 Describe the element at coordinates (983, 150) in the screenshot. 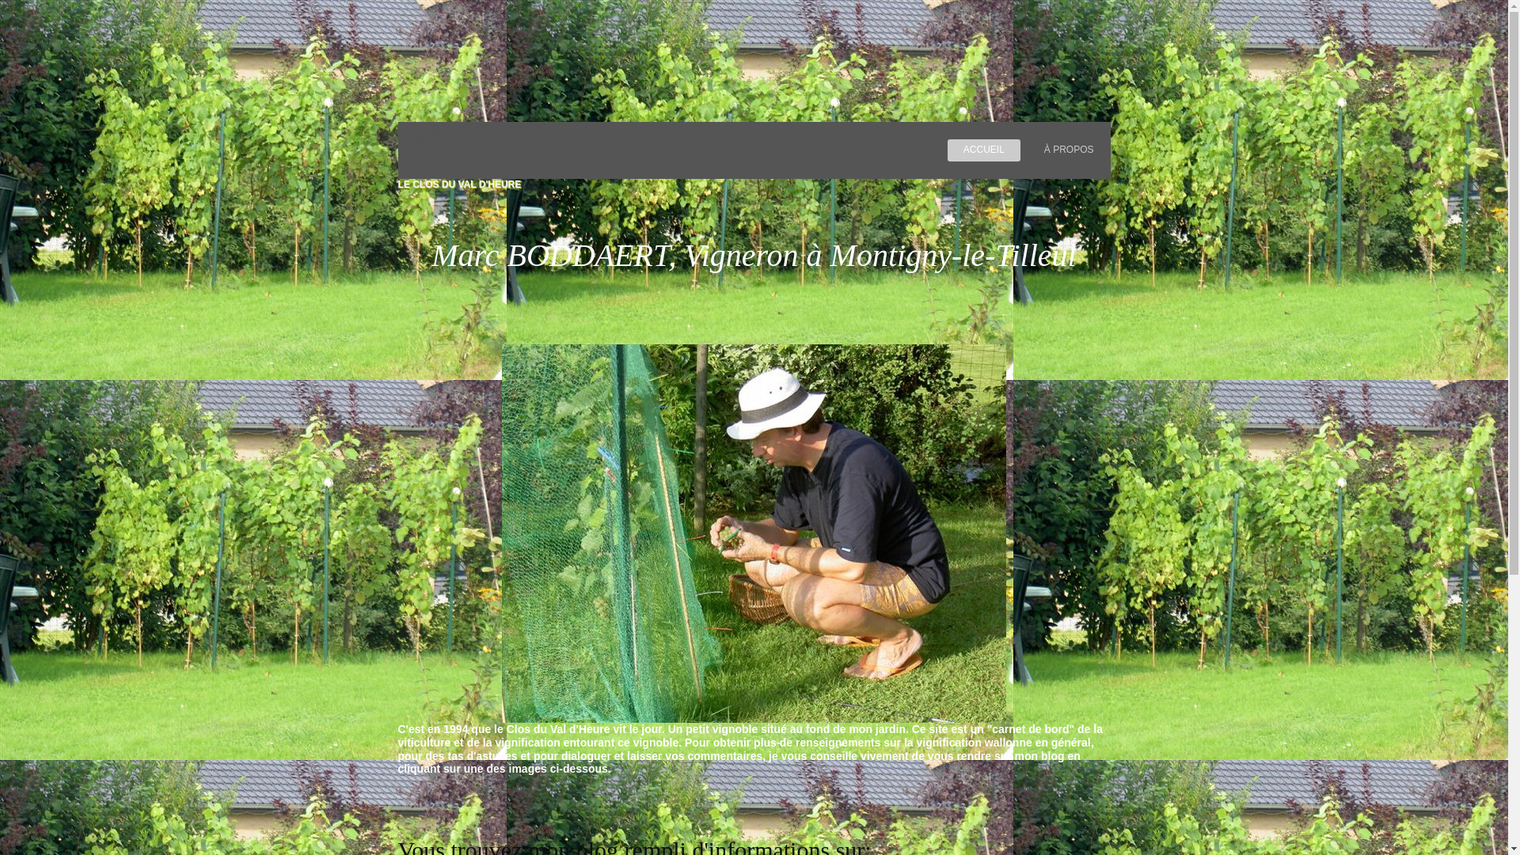

I see `'ACCUEIL'` at that location.